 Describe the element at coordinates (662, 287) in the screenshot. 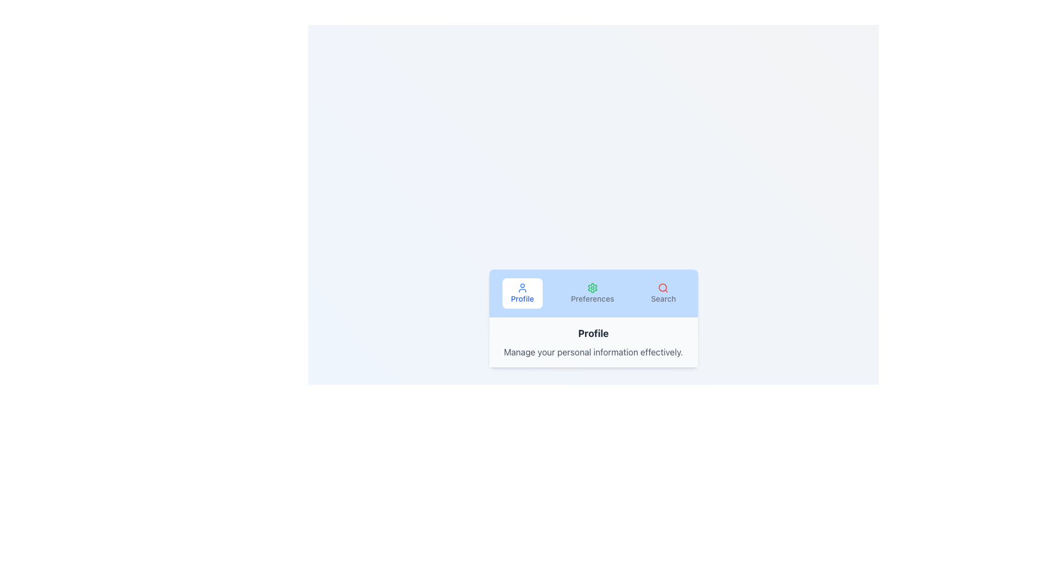

I see `the SVG circle graphic that is part of the 'search' icon located in the top-right corner of the card interface` at that location.